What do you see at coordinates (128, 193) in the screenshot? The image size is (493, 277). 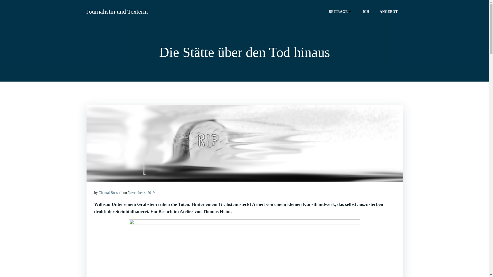 I see `'November 4, 2019'` at bounding box center [128, 193].